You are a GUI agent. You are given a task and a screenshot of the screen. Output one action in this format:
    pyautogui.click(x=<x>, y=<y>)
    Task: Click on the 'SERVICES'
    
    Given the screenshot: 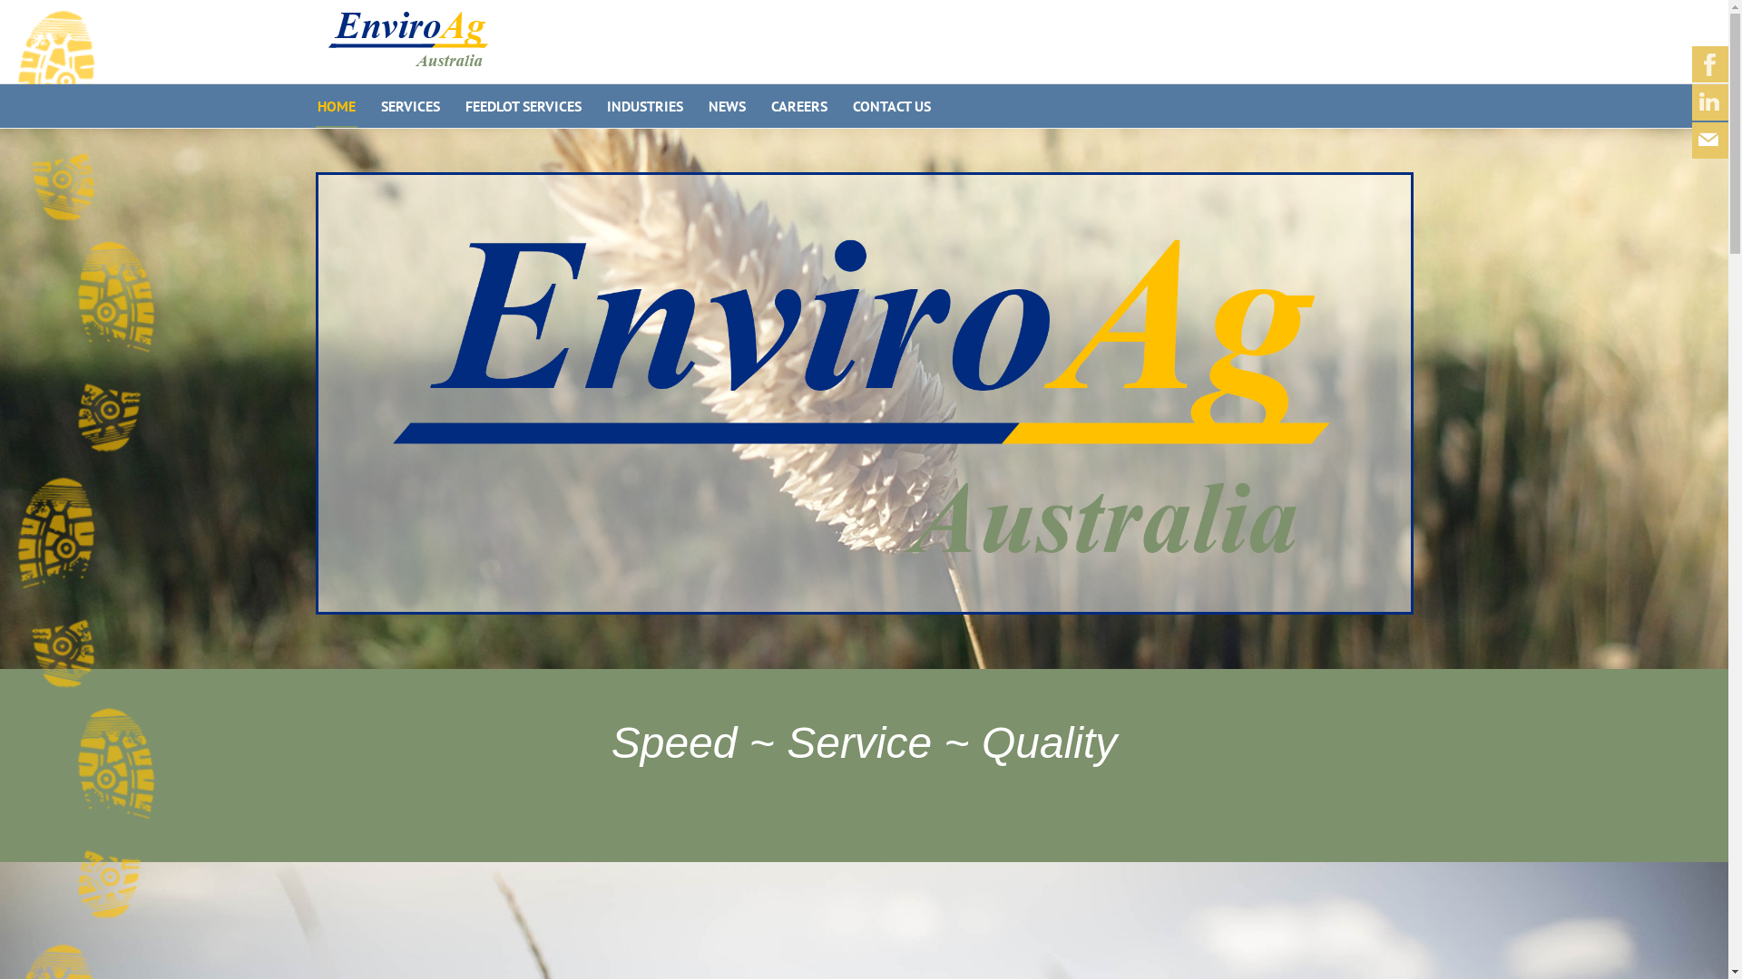 What is the action you would take?
    pyautogui.click(x=409, y=105)
    